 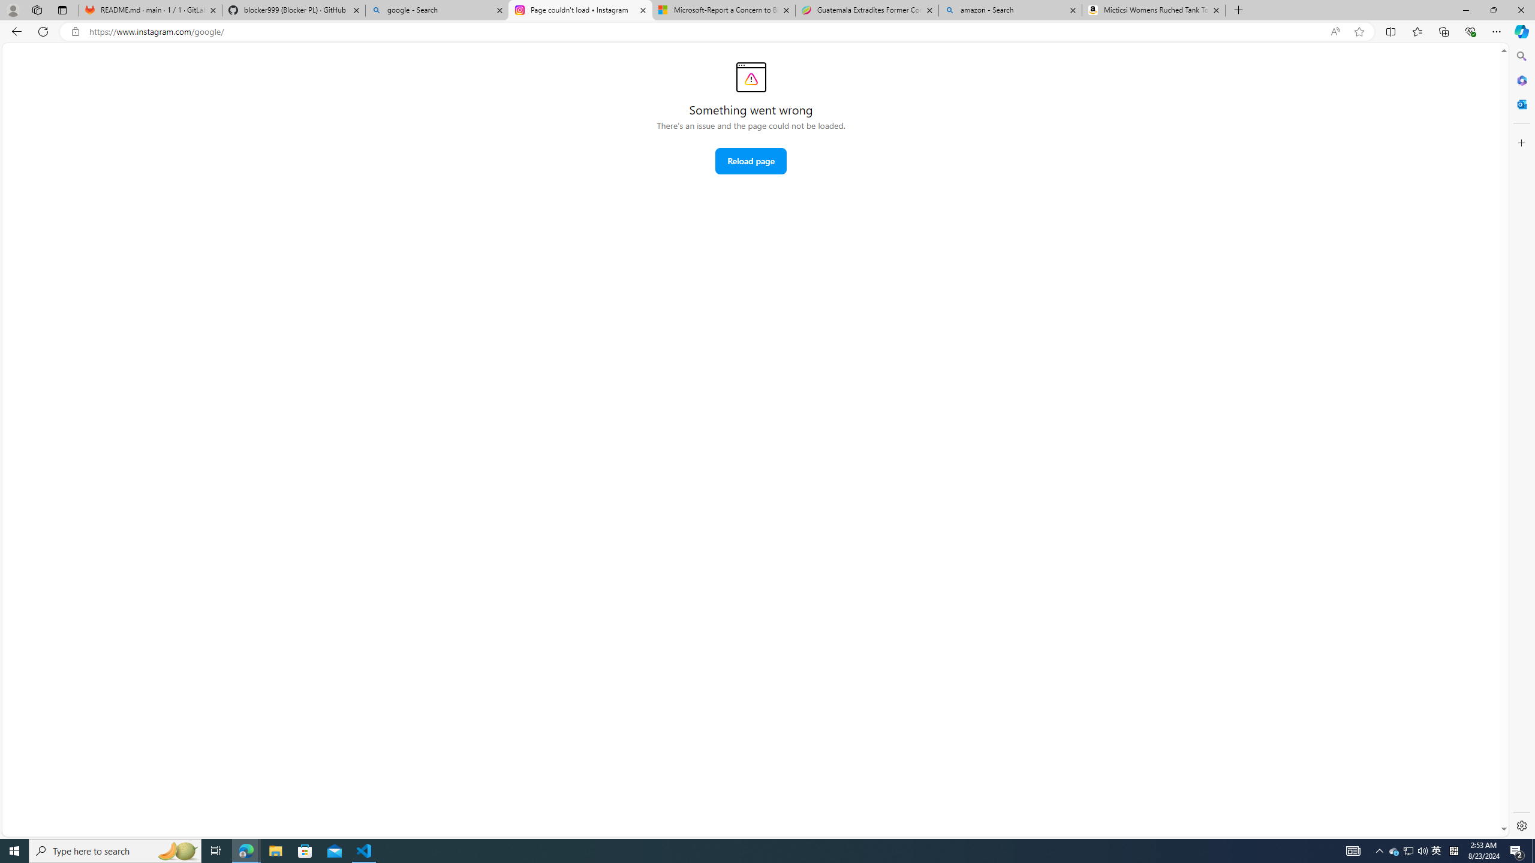 I want to click on 'Favorites', so click(x=1417, y=31).